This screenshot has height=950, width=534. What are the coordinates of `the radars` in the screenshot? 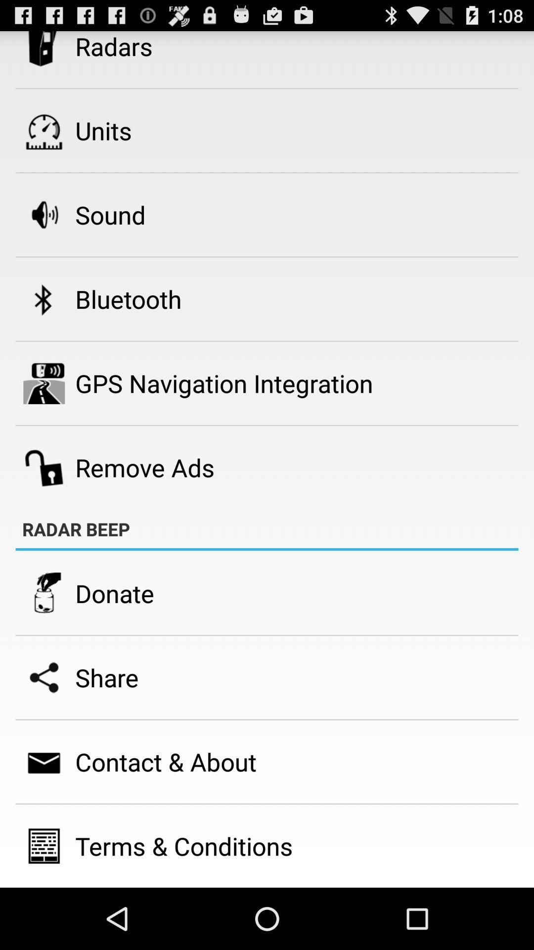 It's located at (113, 47).